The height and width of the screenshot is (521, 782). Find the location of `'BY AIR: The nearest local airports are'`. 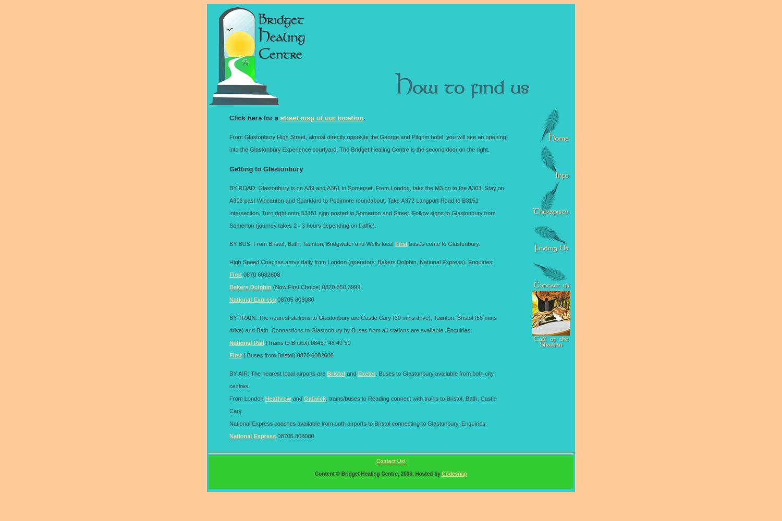

'BY AIR: The nearest local airports are' is located at coordinates (228, 373).